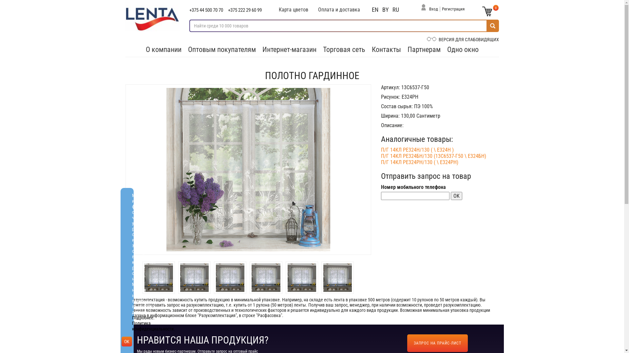 The image size is (629, 353). I want to click on 'OK', so click(456, 195).